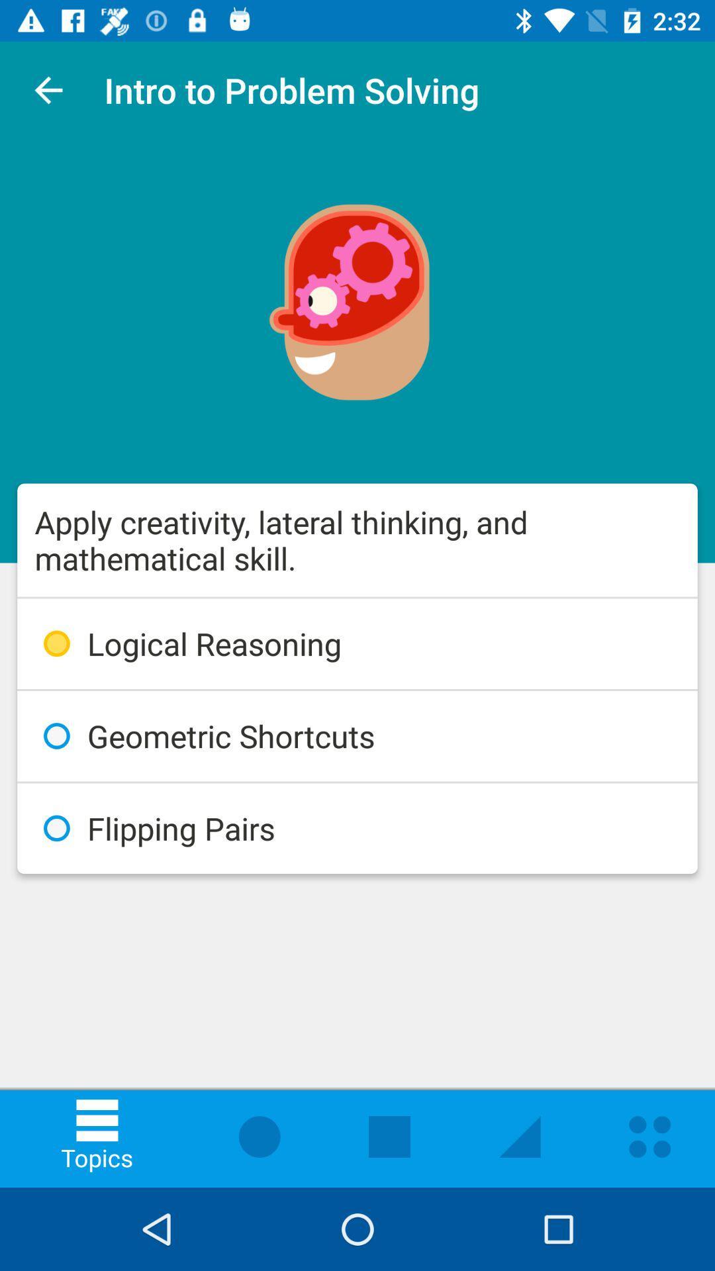 This screenshot has height=1271, width=715. Describe the element at coordinates (358, 735) in the screenshot. I see `the icon below logical reasoning icon` at that location.